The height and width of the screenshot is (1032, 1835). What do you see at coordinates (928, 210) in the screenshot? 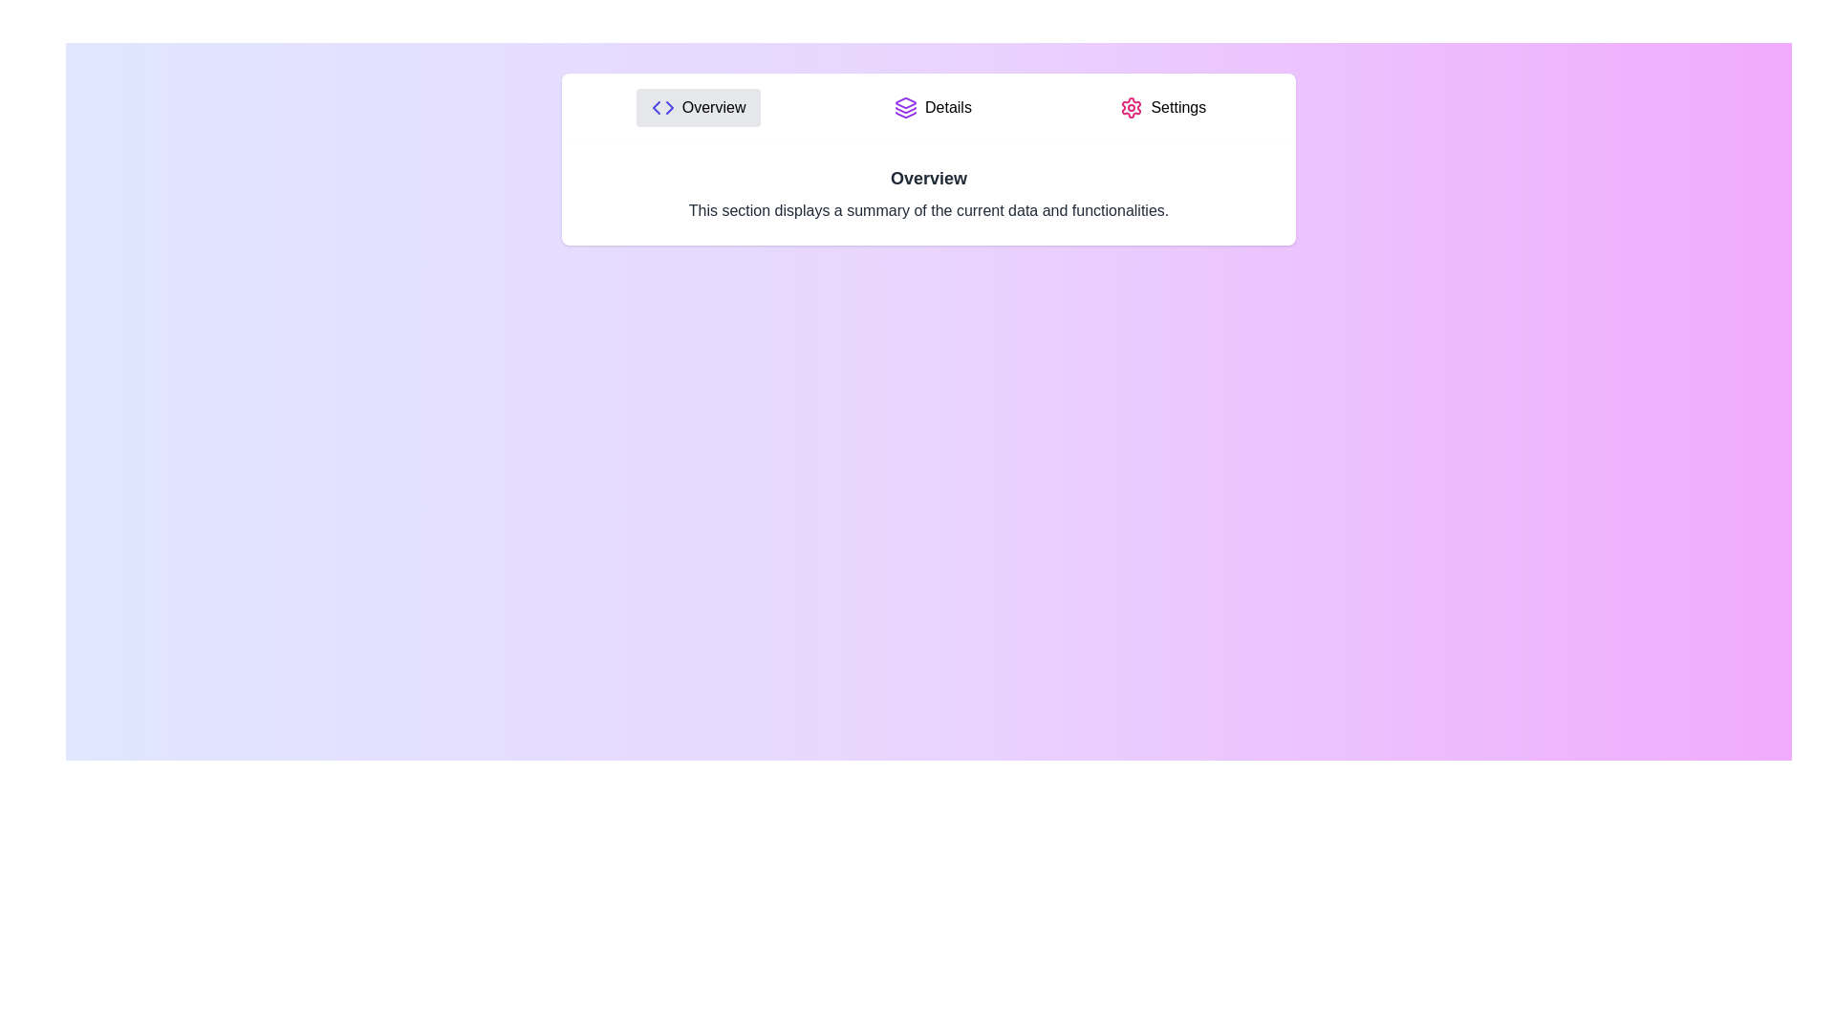
I see `the informative text block located directly beneath the 'Overview' heading, which provides context about the section` at bounding box center [928, 210].